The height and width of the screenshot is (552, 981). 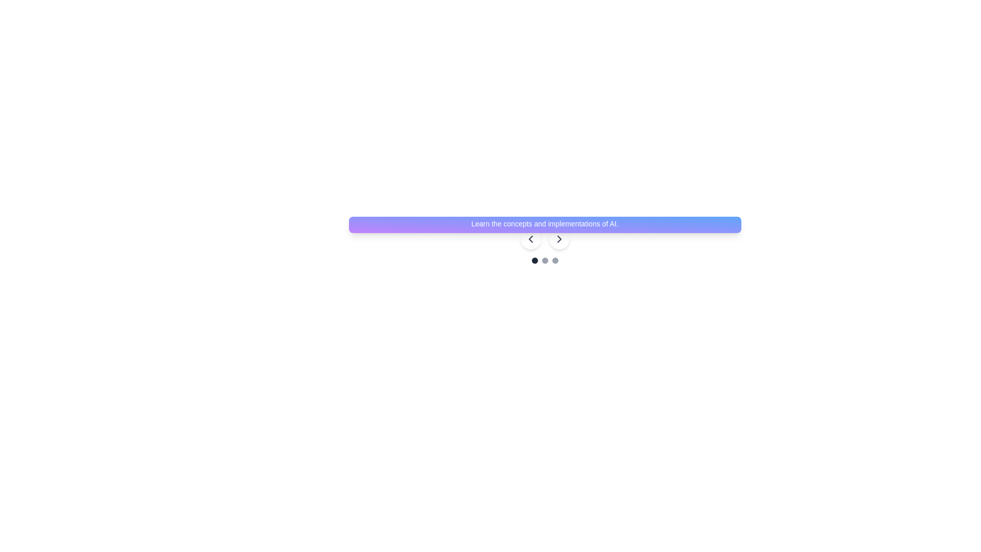 I want to click on the static text element providing additional information about the course, positioned beneath 'Music Production Course' and above '$30/session', so click(x=544, y=223).